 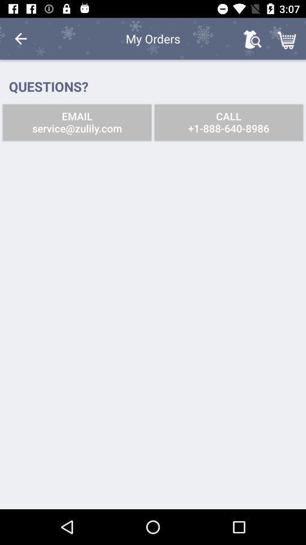 I want to click on the icon next to the my orders, so click(x=252, y=39).